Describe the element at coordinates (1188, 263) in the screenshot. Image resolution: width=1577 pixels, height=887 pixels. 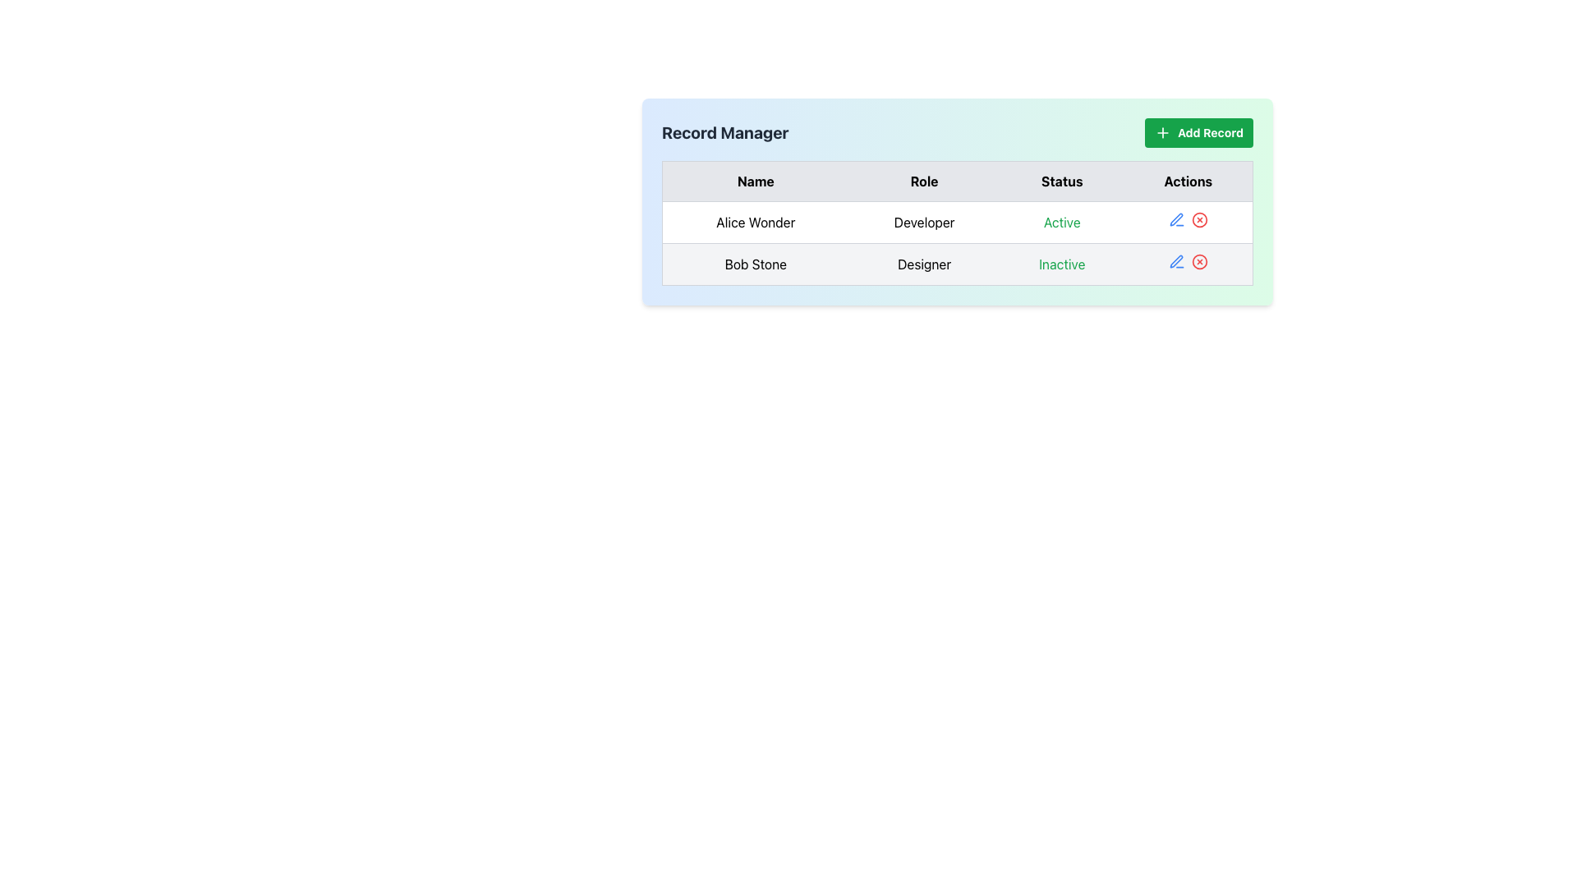
I see `the edit icon in the action panel for the 'Bob Stone' entry located in the fourth column of the second row of the table under the 'Actions' header` at that location.